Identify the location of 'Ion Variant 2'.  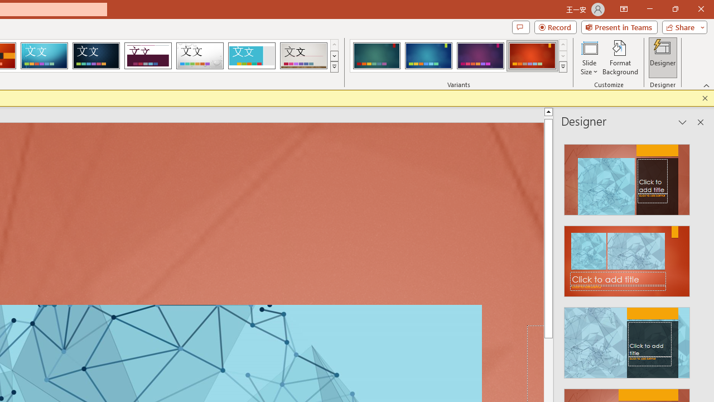
(428, 56).